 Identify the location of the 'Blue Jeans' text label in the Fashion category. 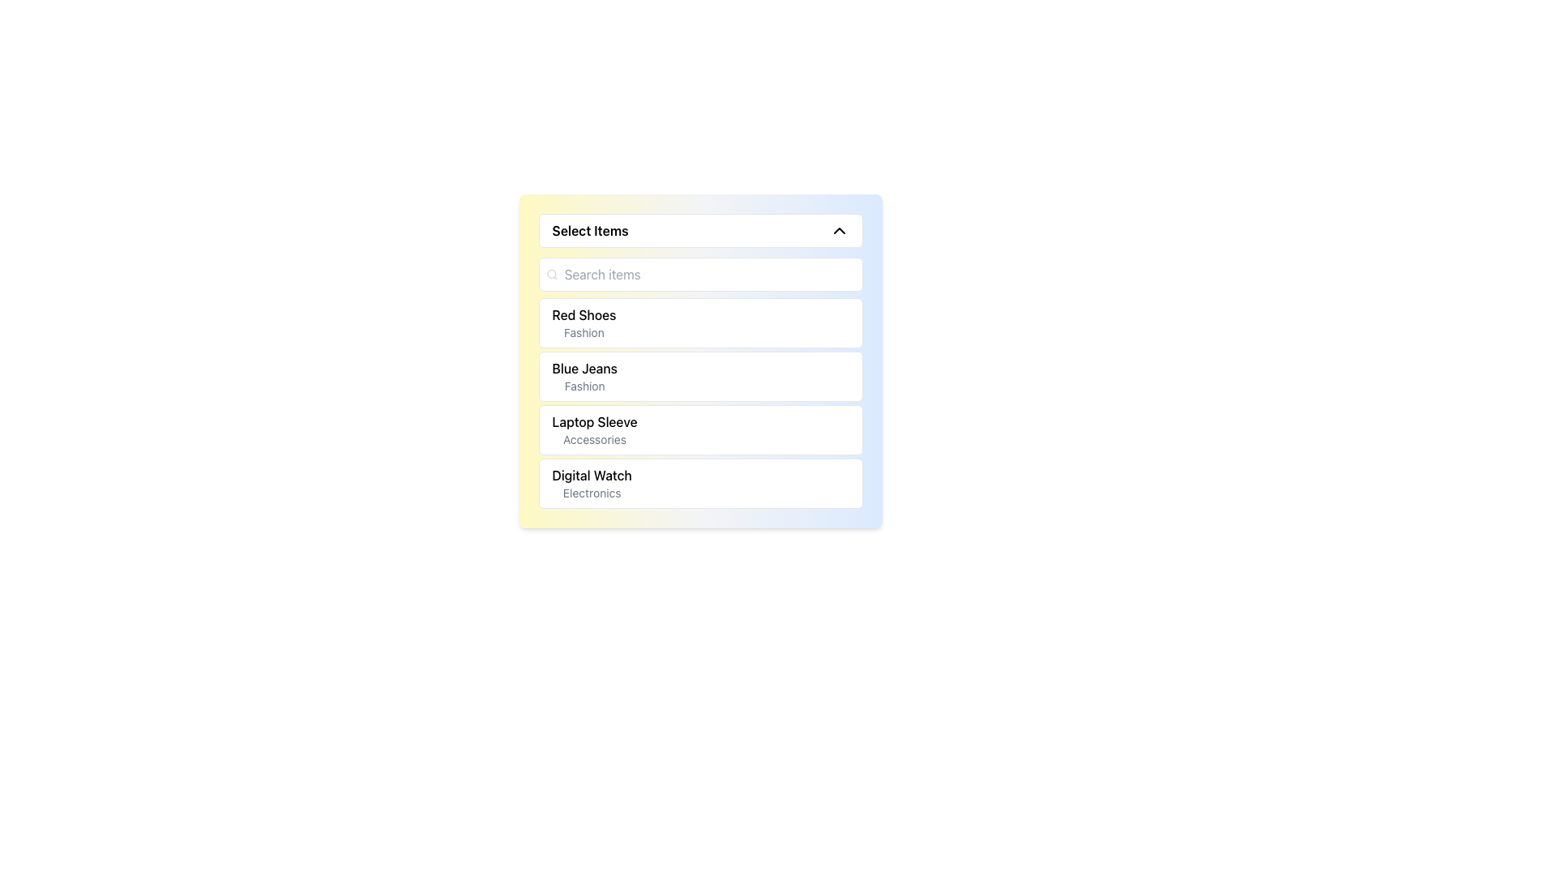
(583, 369).